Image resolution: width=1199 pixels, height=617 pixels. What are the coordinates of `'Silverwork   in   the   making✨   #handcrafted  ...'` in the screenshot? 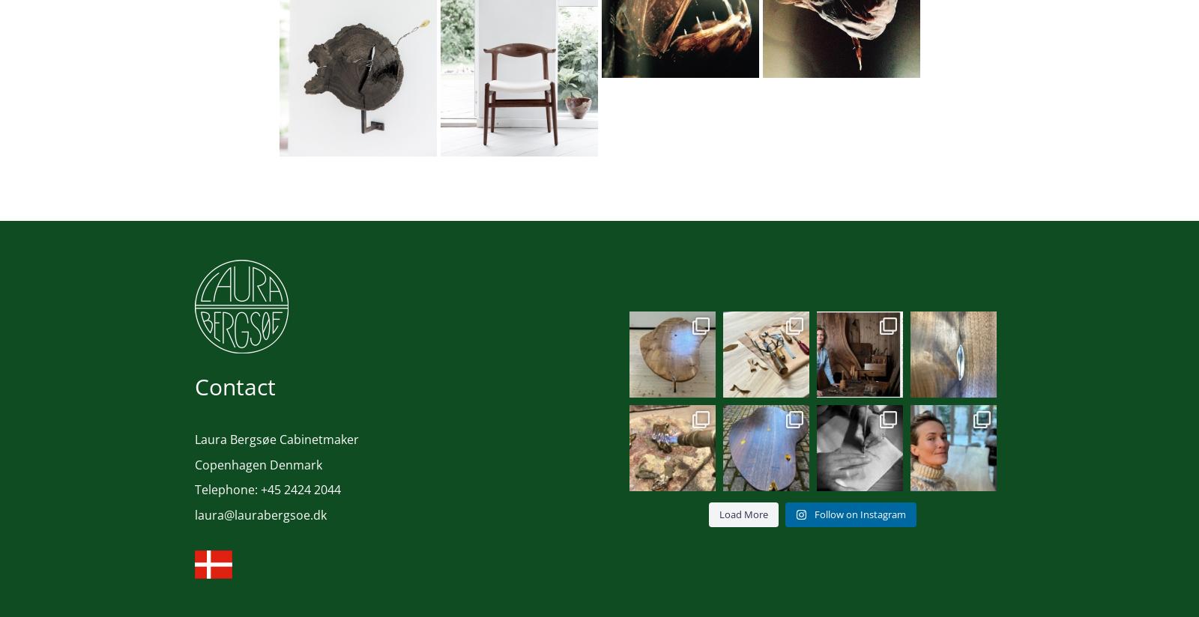 It's located at (859, 425).